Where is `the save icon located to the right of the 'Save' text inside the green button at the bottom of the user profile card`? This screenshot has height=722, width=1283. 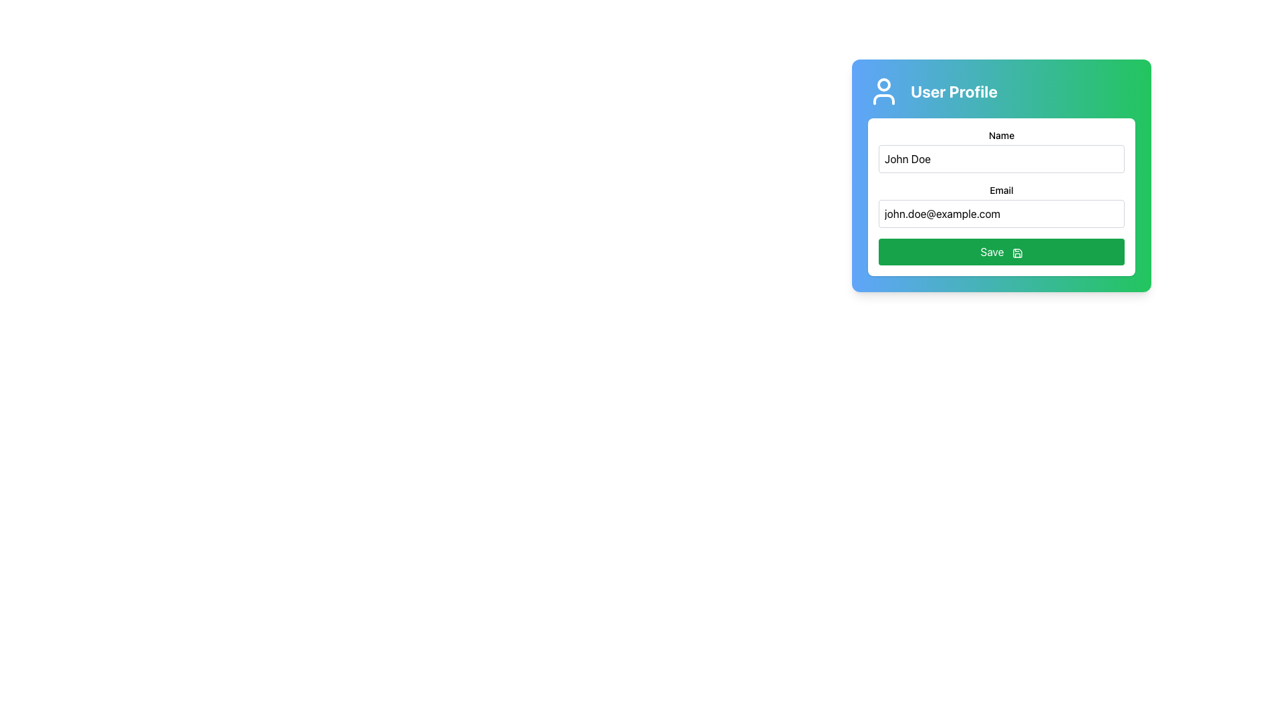
the save icon located to the right of the 'Save' text inside the green button at the bottom of the user profile card is located at coordinates (1016, 253).